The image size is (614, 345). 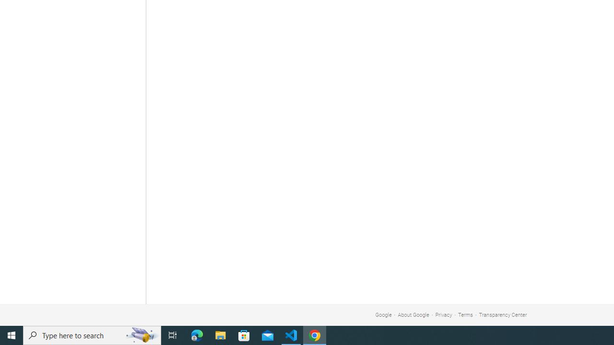 I want to click on 'Terms', so click(x=465, y=315).